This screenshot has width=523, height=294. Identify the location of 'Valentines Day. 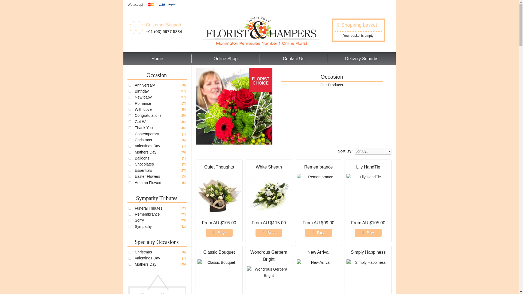
(147, 146).